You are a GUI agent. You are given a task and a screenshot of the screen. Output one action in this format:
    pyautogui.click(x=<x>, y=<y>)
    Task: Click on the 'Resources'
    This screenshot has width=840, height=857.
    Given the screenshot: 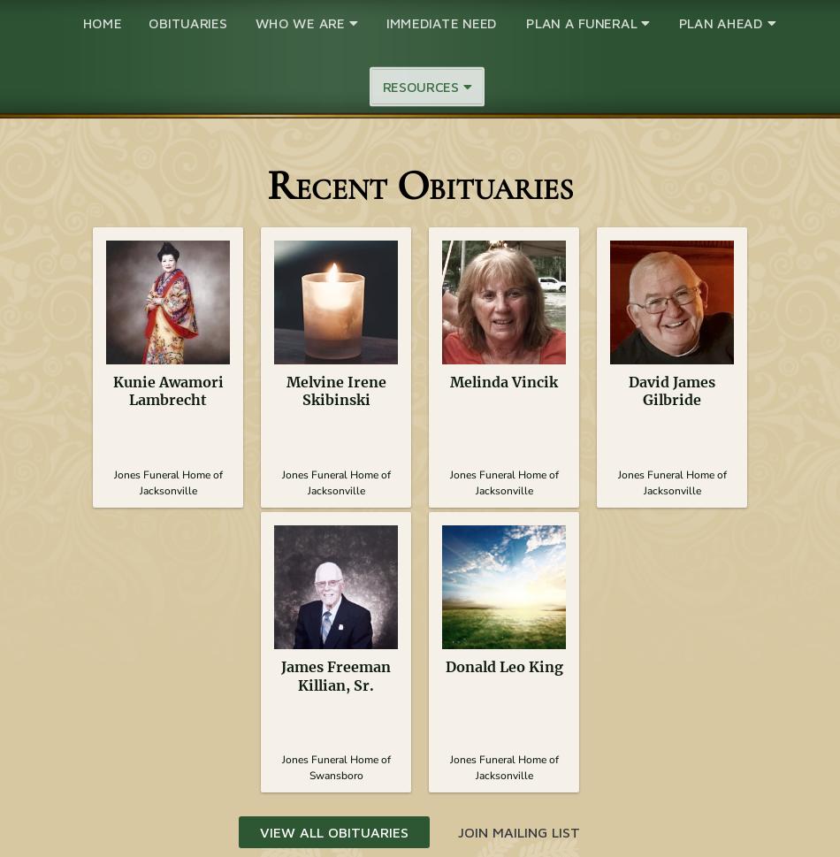 What is the action you would take?
    pyautogui.click(x=422, y=86)
    